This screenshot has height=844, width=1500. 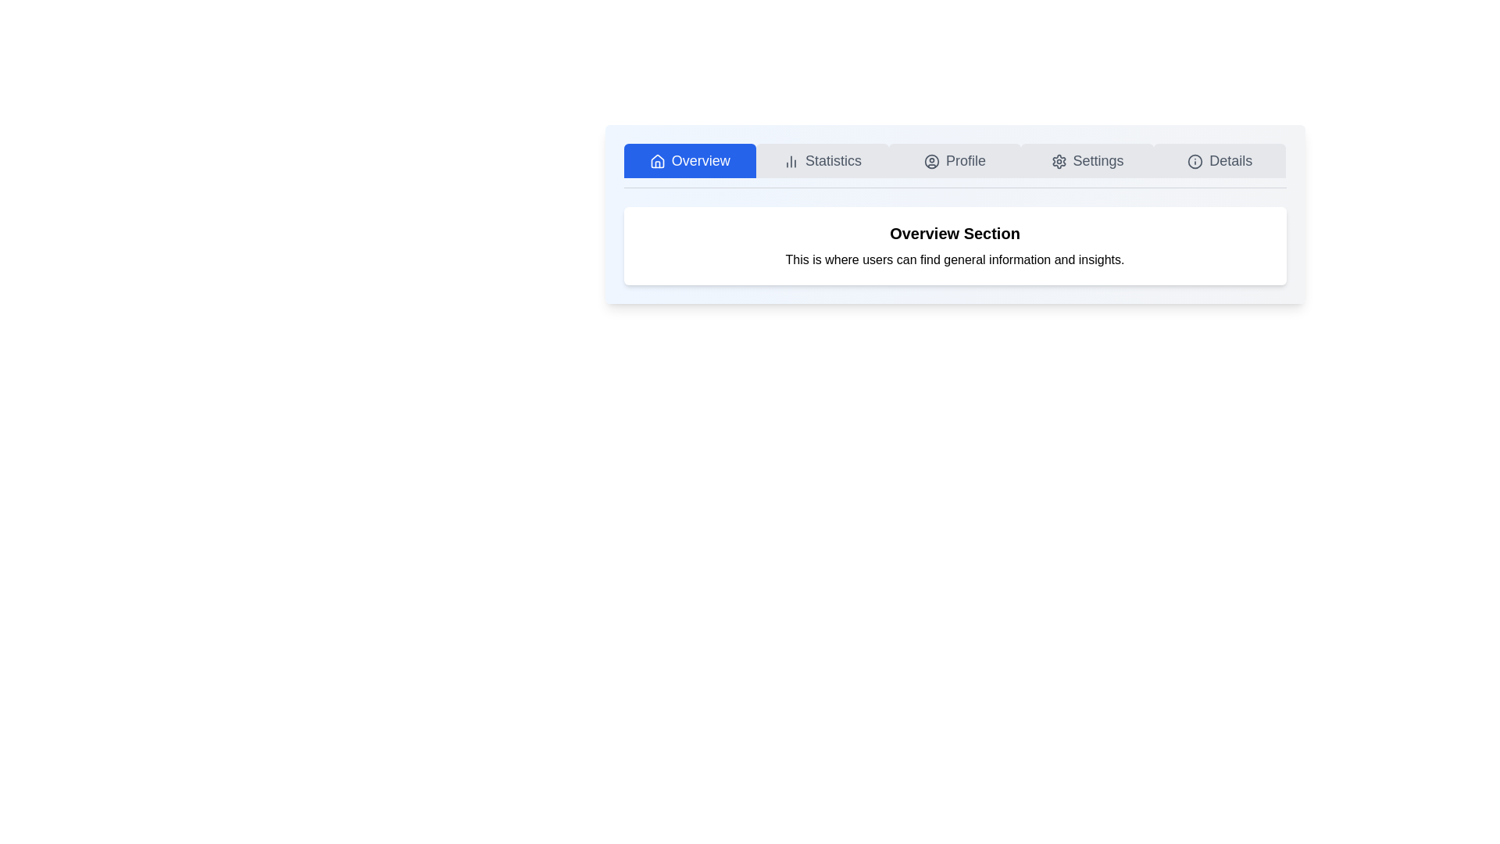 I want to click on the 'Details' tab, which is a rectangular button with rounded top corners, gray background, and contains the text label 'Details' along with an information icon, so click(x=1219, y=160).